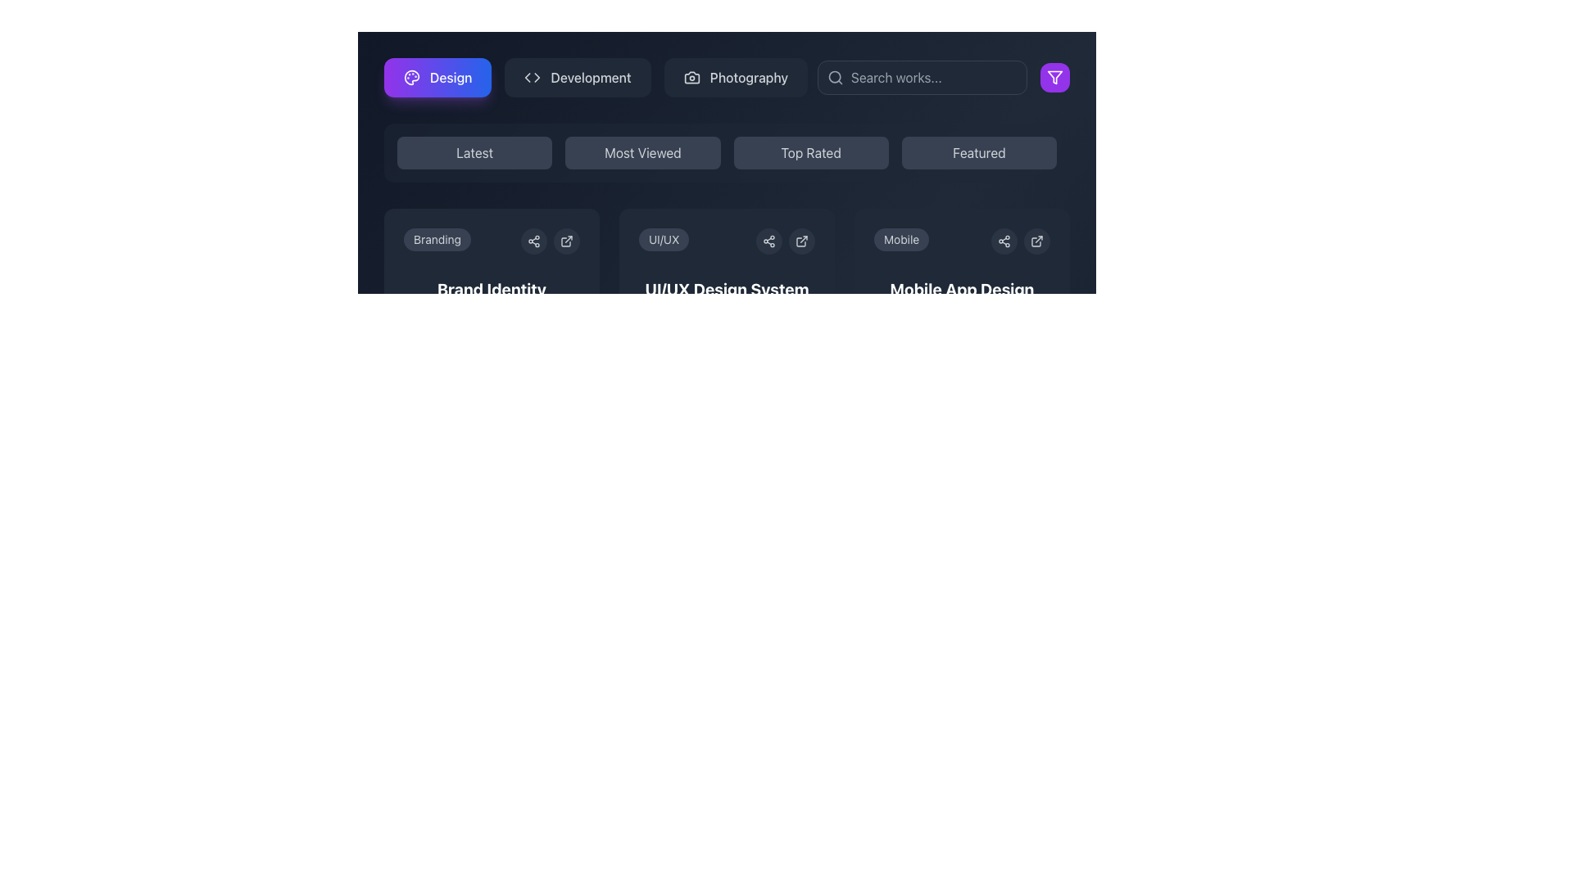  Describe the element at coordinates (691, 78) in the screenshot. I see `the camera icon in the top navigation bar` at that location.